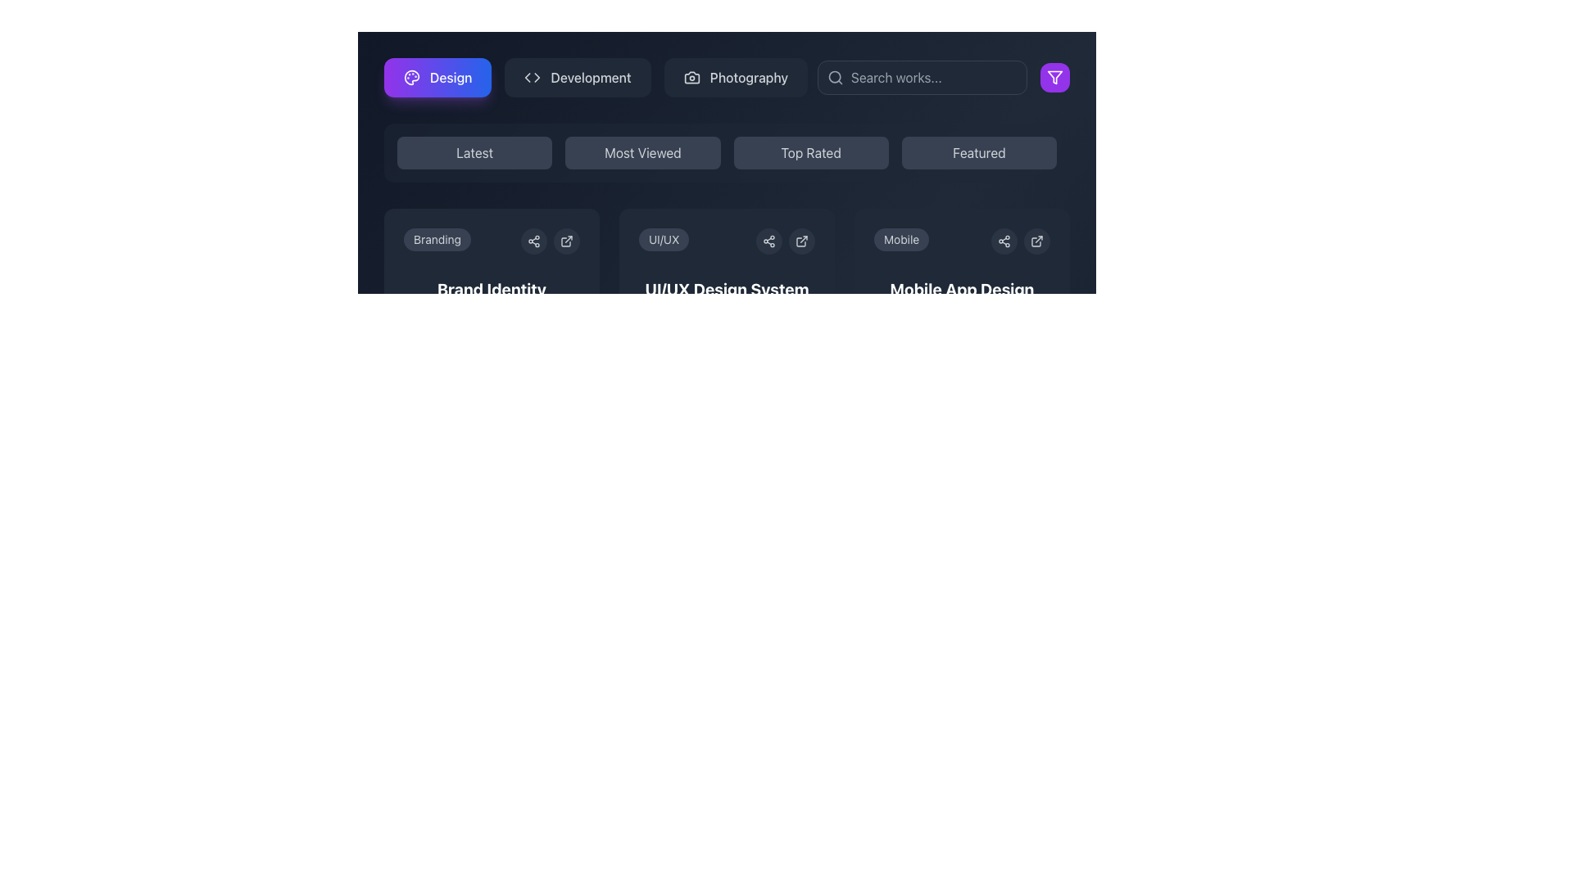  Describe the element at coordinates (691, 78) in the screenshot. I see `the camera icon in the top navigation bar` at that location.